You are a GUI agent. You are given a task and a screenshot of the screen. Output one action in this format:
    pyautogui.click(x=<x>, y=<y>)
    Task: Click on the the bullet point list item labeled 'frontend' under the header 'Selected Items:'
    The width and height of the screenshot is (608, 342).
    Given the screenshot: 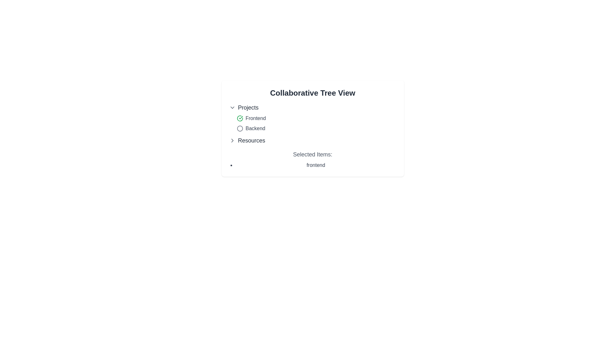 What is the action you would take?
    pyautogui.click(x=313, y=165)
    